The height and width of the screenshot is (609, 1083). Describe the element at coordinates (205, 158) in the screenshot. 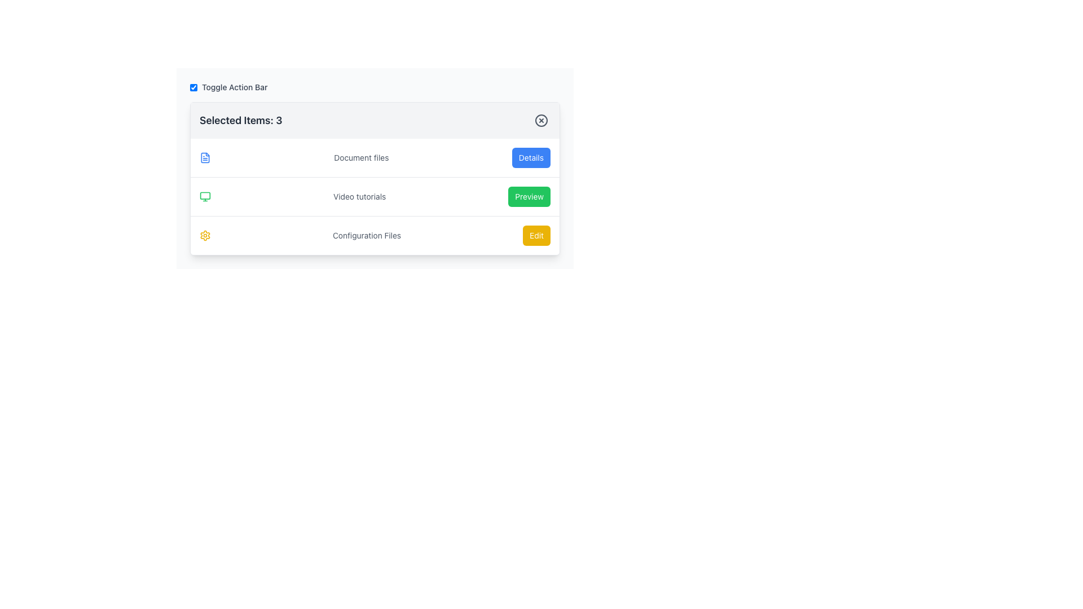

I see `the blue document icon located at the top-left corner of the 'Selected Items' box, corresponding to the 'Document files' row` at that location.